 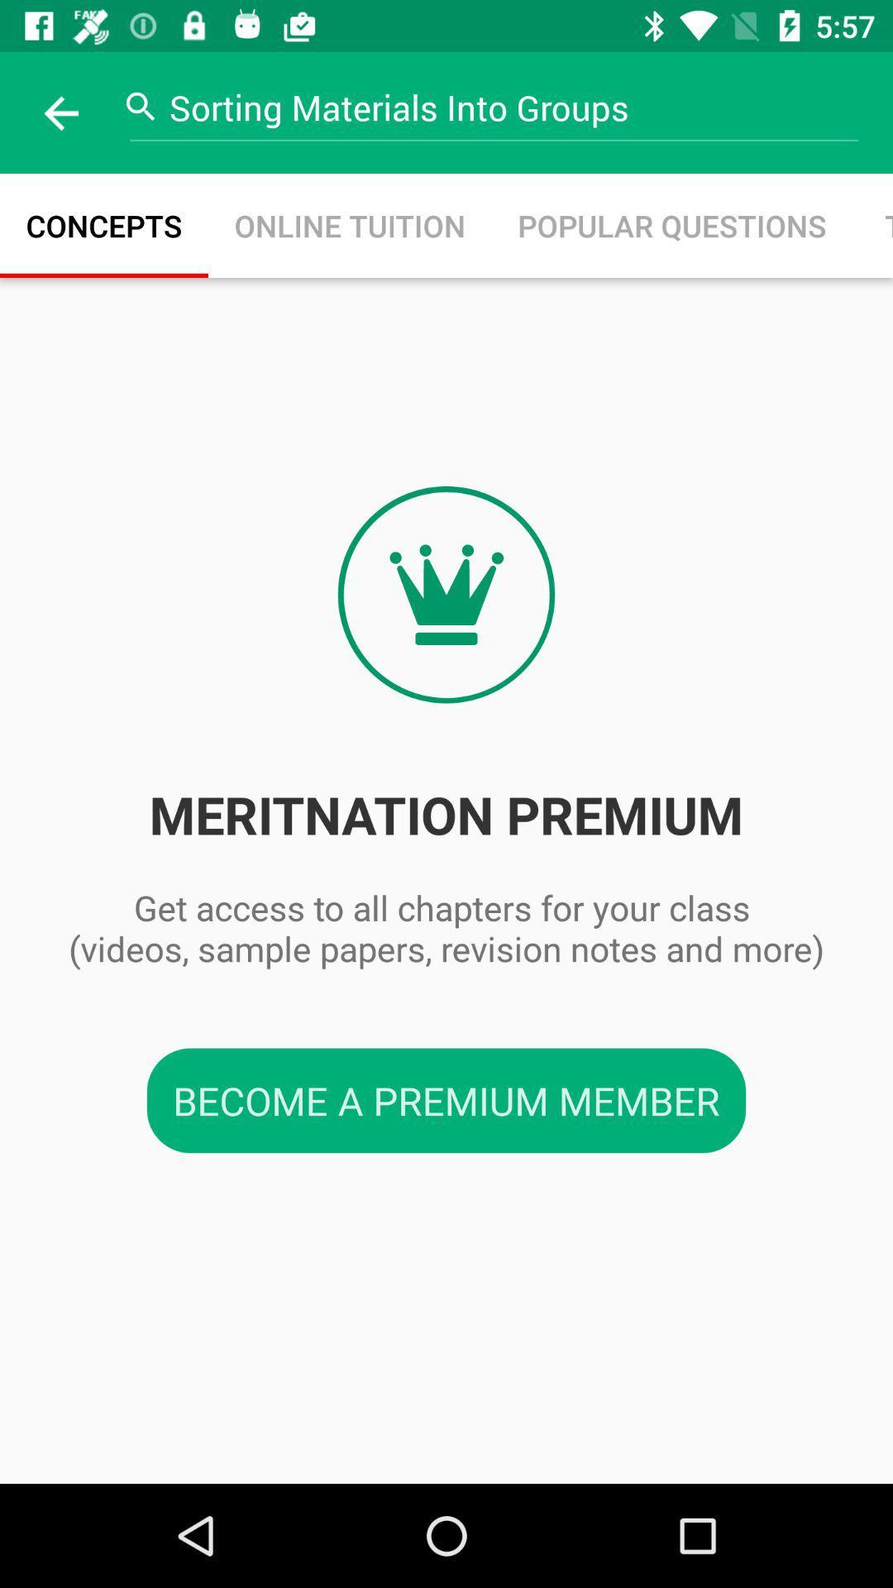 What do you see at coordinates (446, 1100) in the screenshot?
I see `the item below get access to` at bounding box center [446, 1100].